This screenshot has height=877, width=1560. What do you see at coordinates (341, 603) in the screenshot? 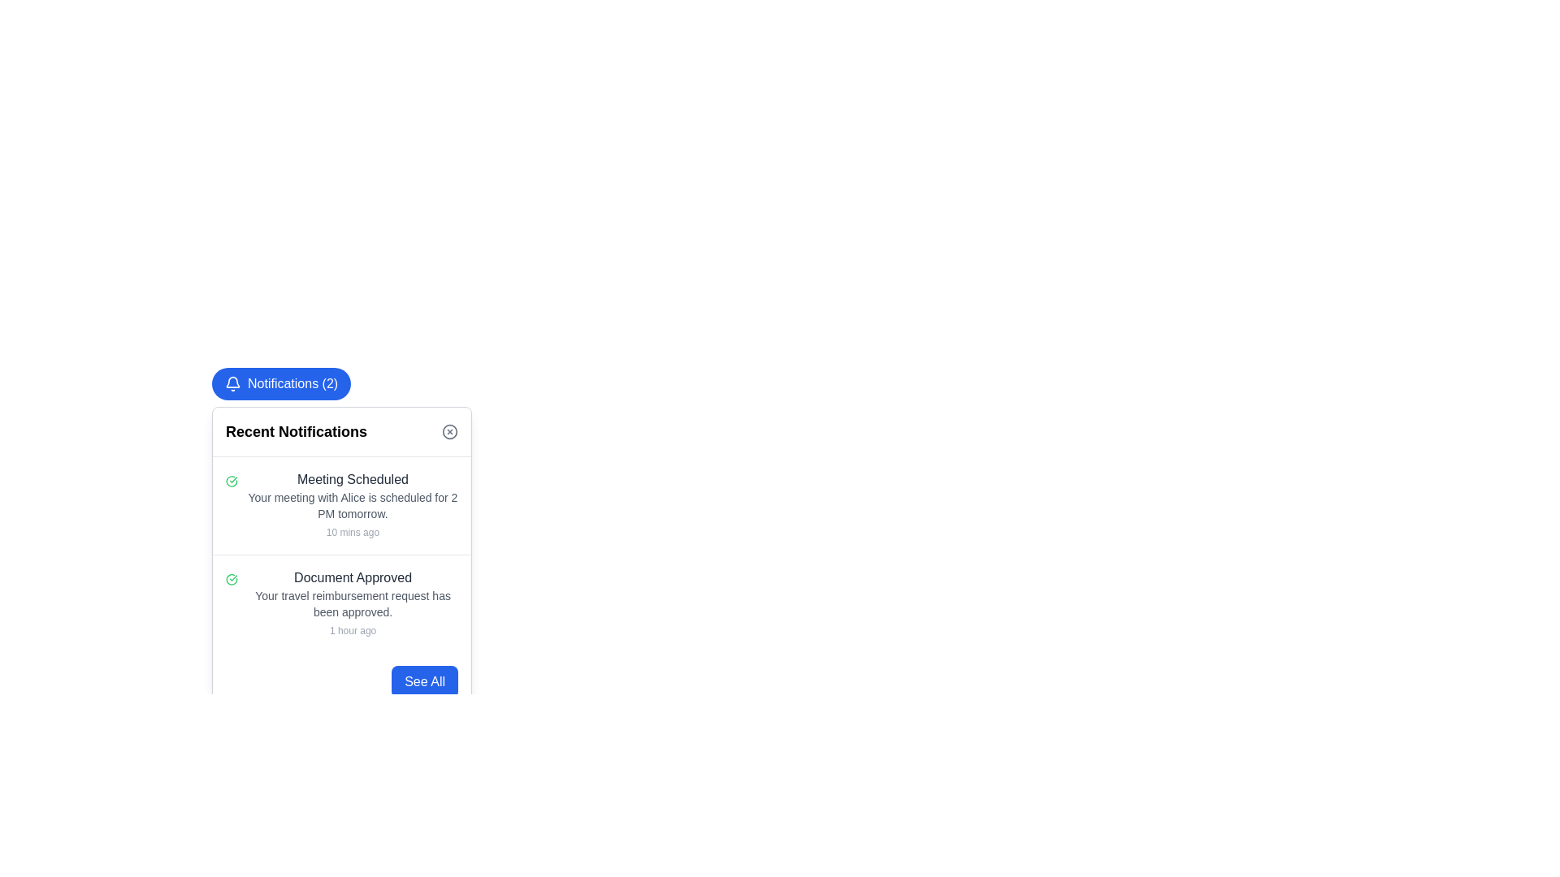
I see `notification card that informs the user about the approval of their travel reimbursement request, which is the second item in the notification list` at bounding box center [341, 603].